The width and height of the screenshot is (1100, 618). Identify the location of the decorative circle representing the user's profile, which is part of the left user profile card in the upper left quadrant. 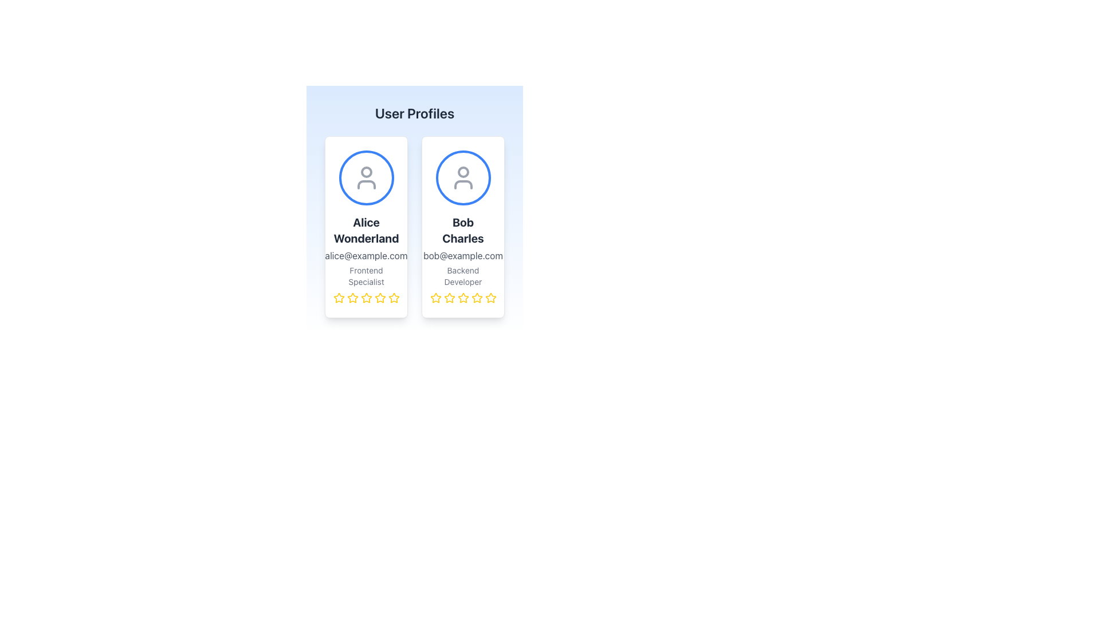
(366, 172).